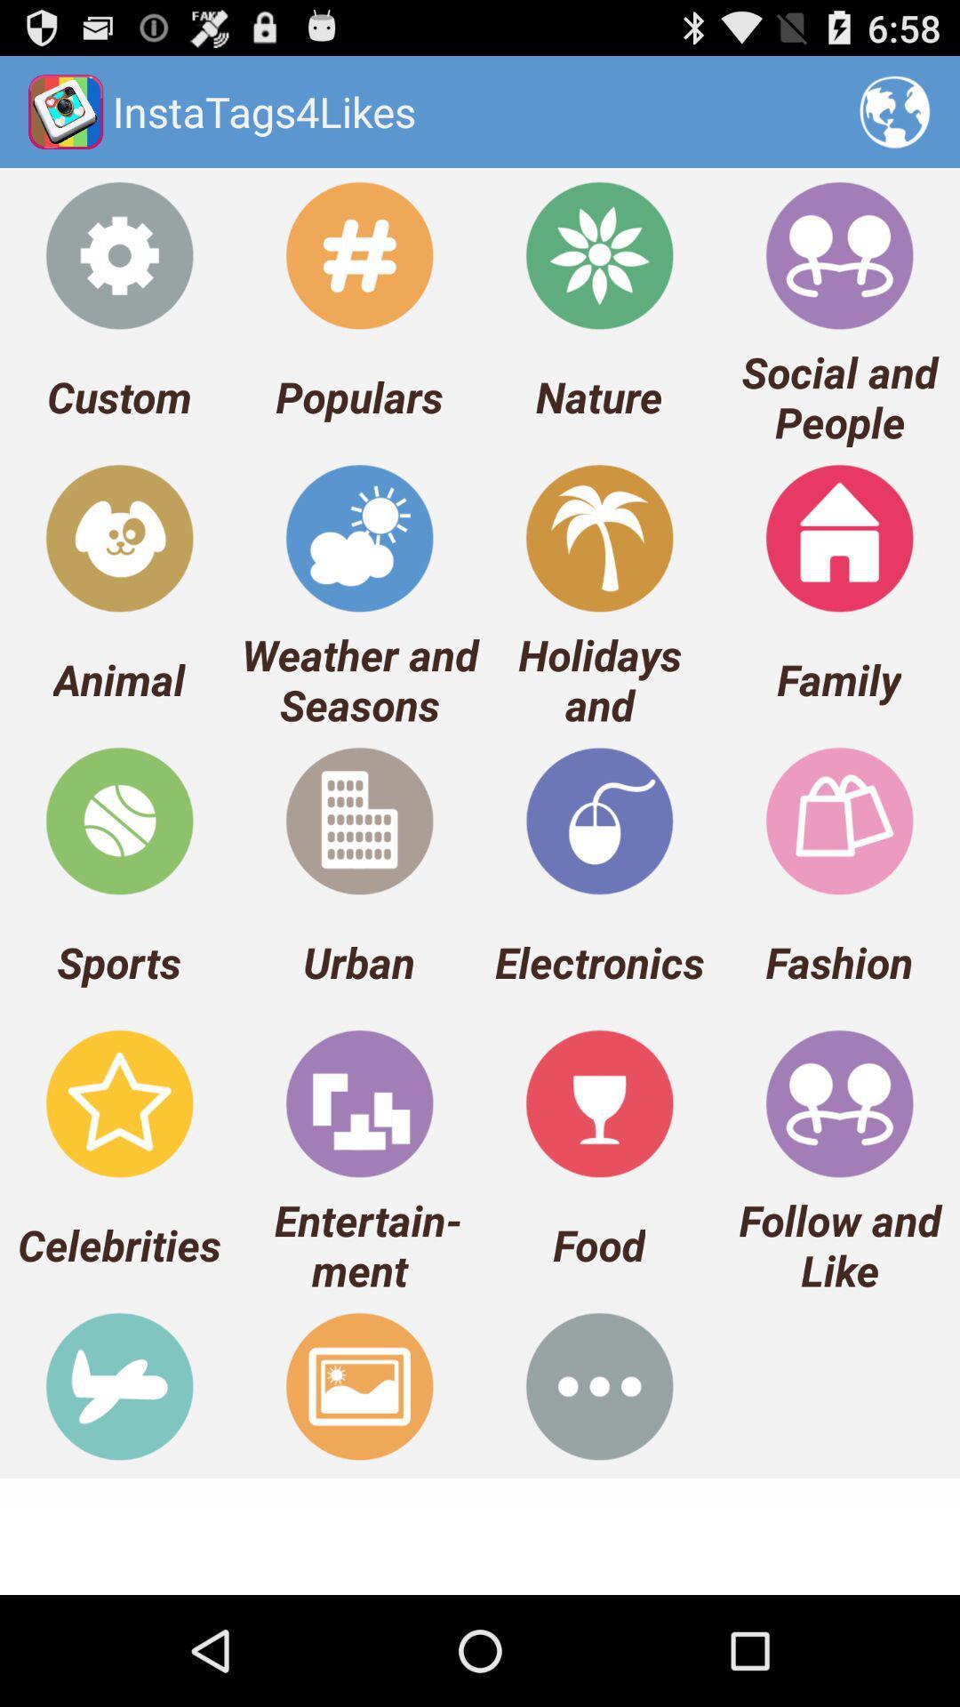 The width and height of the screenshot is (960, 1707). What do you see at coordinates (839, 1102) in the screenshot?
I see `the icon above follow and like` at bounding box center [839, 1102].